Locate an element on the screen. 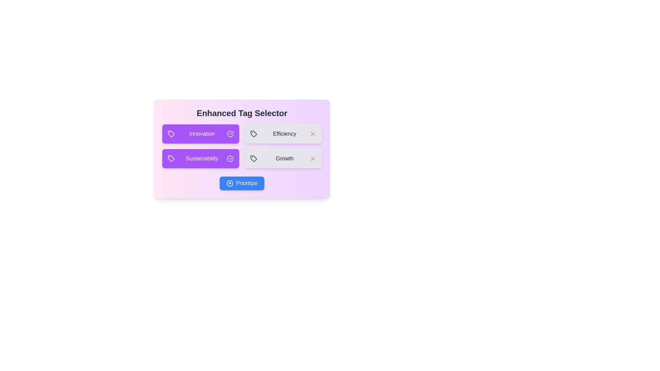 The width and height of the screenshot is (660, 371). the Innovation to observe its hover effect is located at coordinates (200, 134).